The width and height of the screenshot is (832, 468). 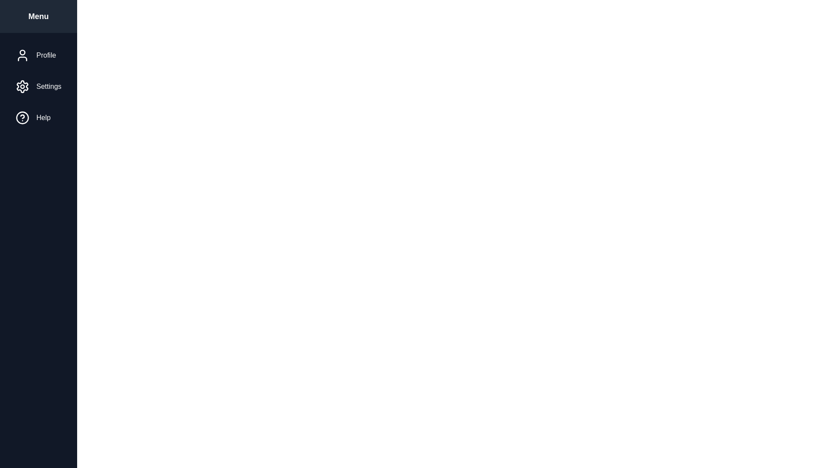 What do you see at coordinates (37, 87) in the screenshot?
I see `the menu option Settings` at bounding box center [37, 87].